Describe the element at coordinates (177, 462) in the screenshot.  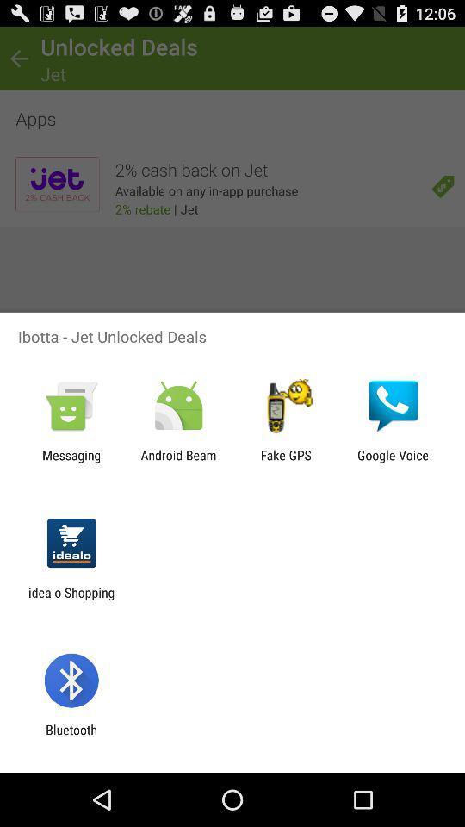
I see `the android beam icon` at that location.